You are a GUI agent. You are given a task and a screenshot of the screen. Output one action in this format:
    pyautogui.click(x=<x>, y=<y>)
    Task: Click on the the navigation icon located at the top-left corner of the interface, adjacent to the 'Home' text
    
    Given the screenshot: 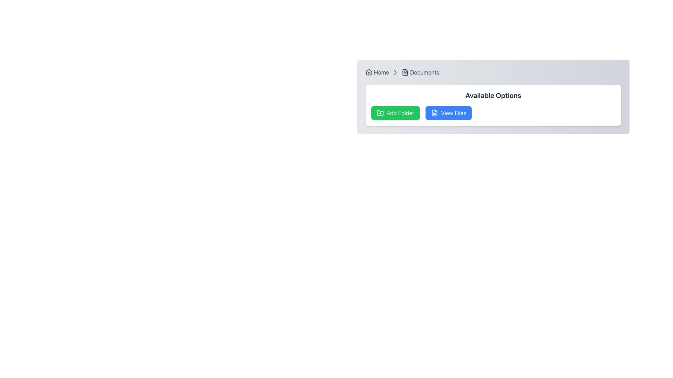 What is the action you would take?
    pyautogui.click(x=368, y=72)
    